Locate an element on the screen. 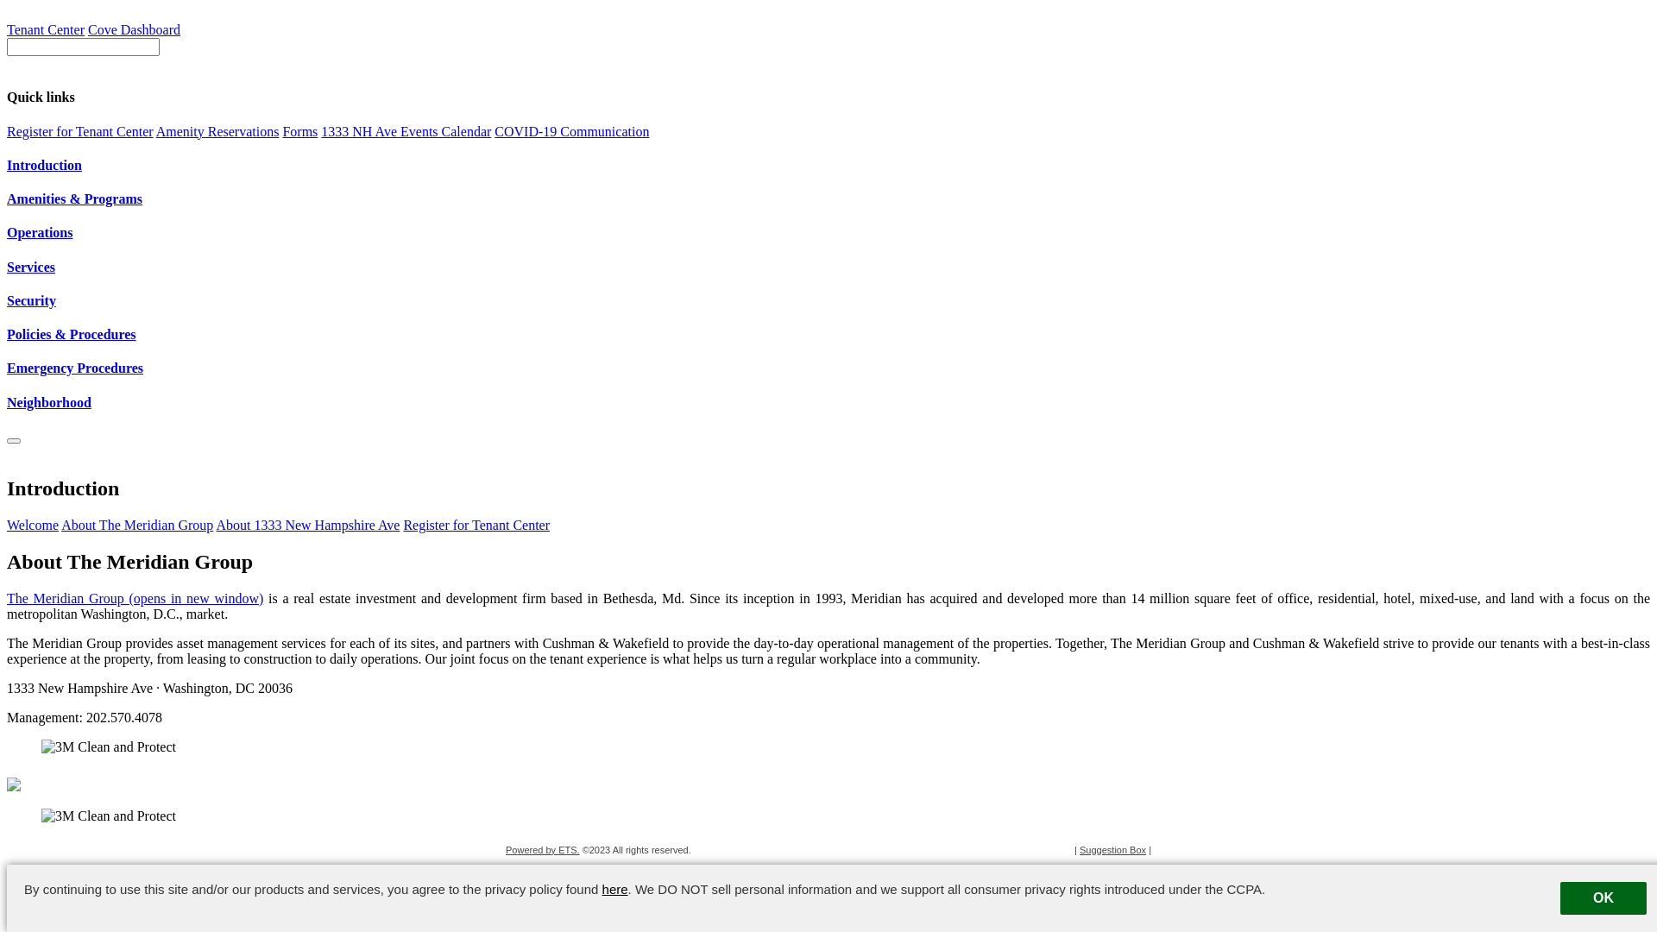 The width and height of the screenshot is (1657, 932). 'Powered by ETS.' is located at coordinates (541, 848).